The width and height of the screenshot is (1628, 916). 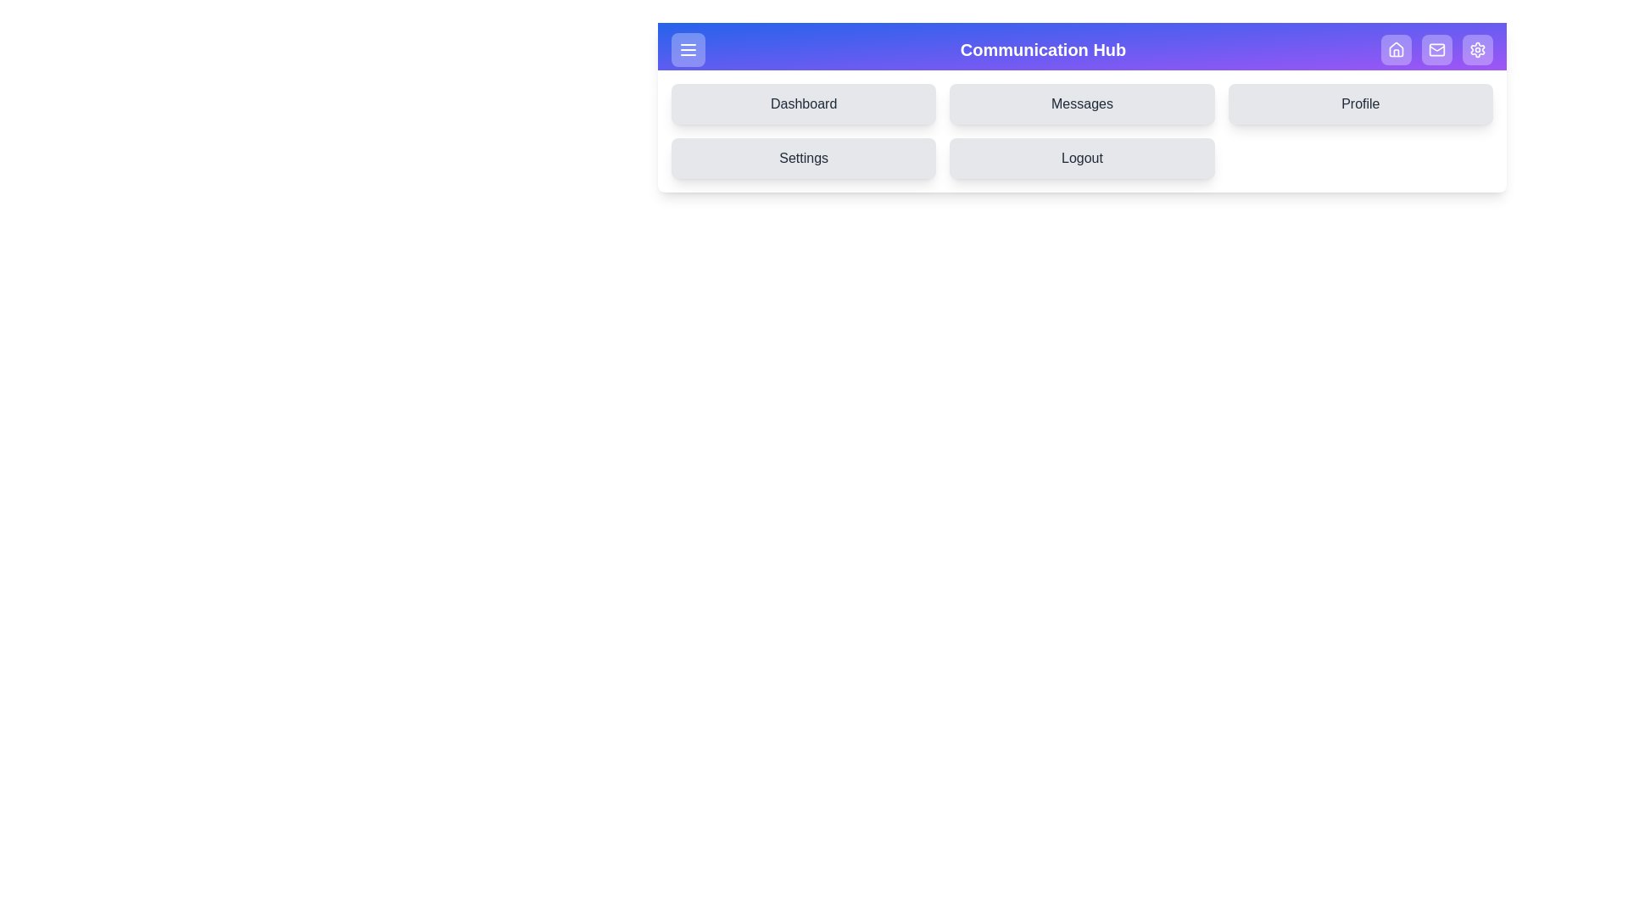 I want to click on the 'Settings' button to navigate to the 'Settings' tab, so click(x=803, y=158).